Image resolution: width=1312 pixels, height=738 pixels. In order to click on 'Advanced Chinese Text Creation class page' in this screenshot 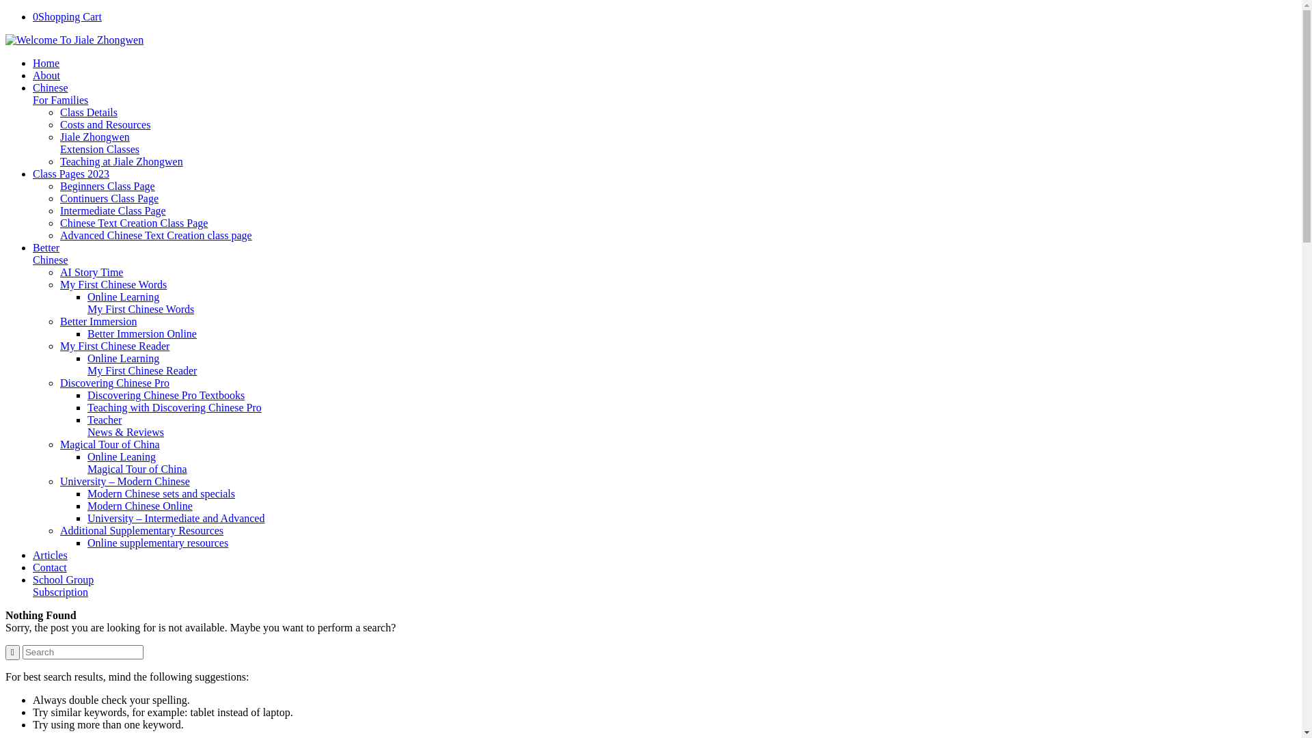, I will do `click(156, 234)`.